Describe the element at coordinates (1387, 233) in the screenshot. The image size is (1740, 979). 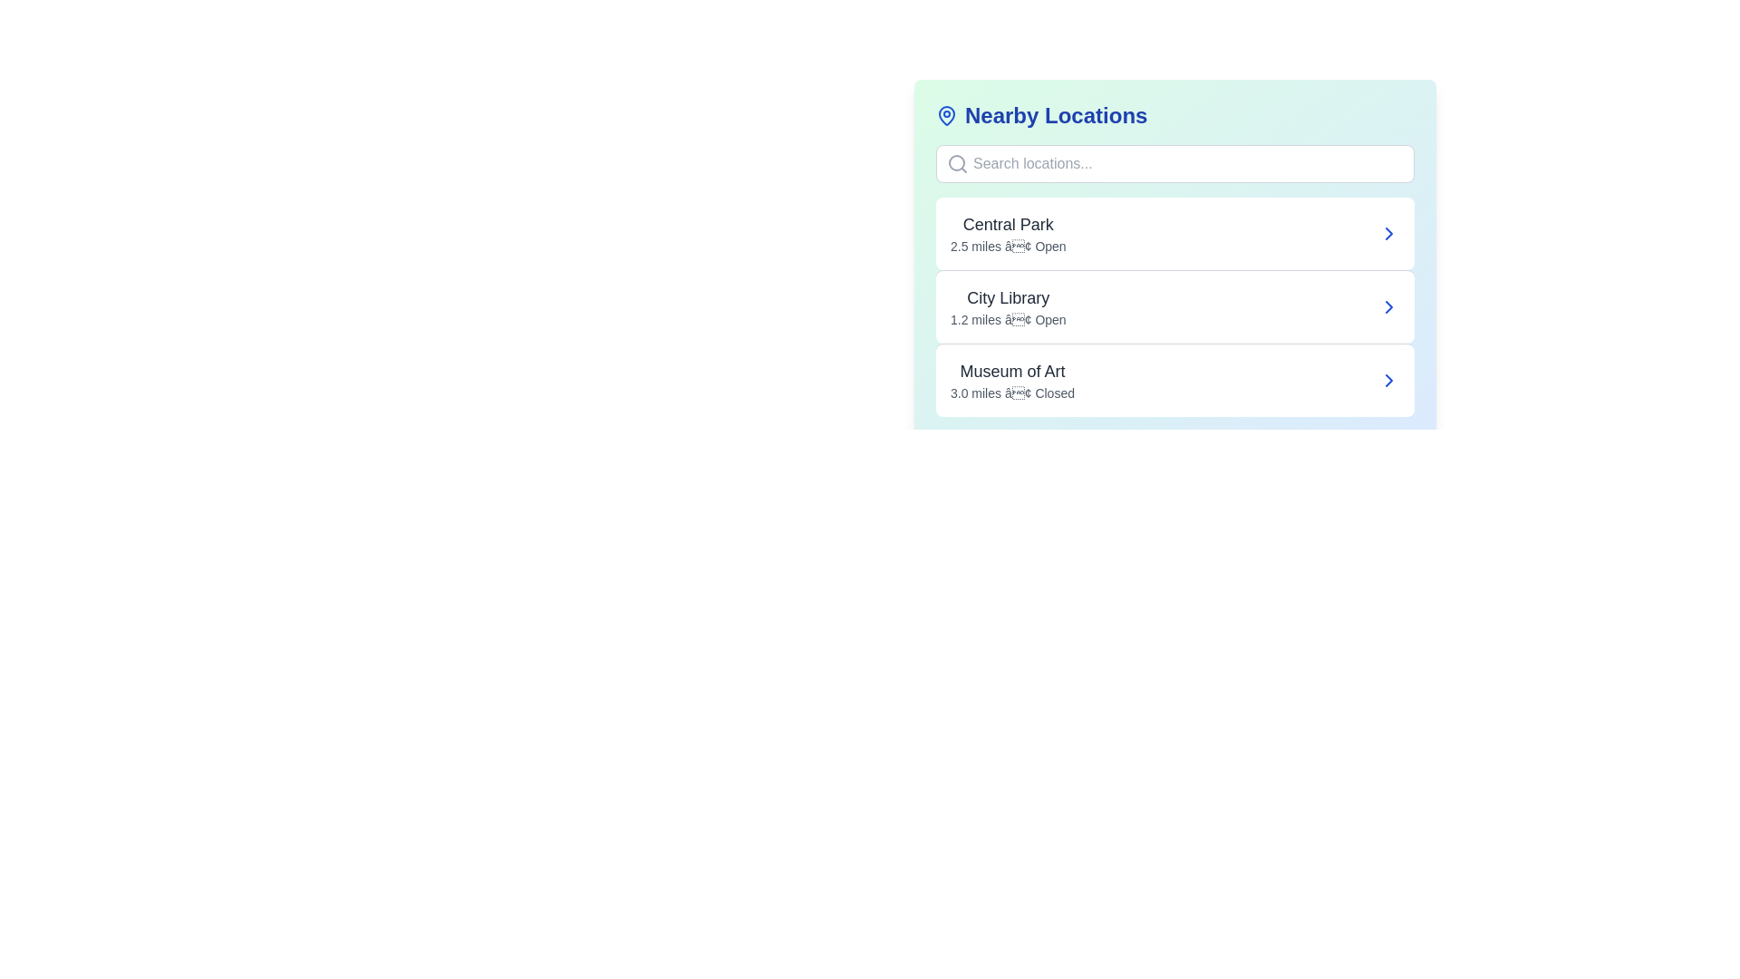
I see `the navigation icon located in the right section of the first list item labeled 'Central Park'` at that location.